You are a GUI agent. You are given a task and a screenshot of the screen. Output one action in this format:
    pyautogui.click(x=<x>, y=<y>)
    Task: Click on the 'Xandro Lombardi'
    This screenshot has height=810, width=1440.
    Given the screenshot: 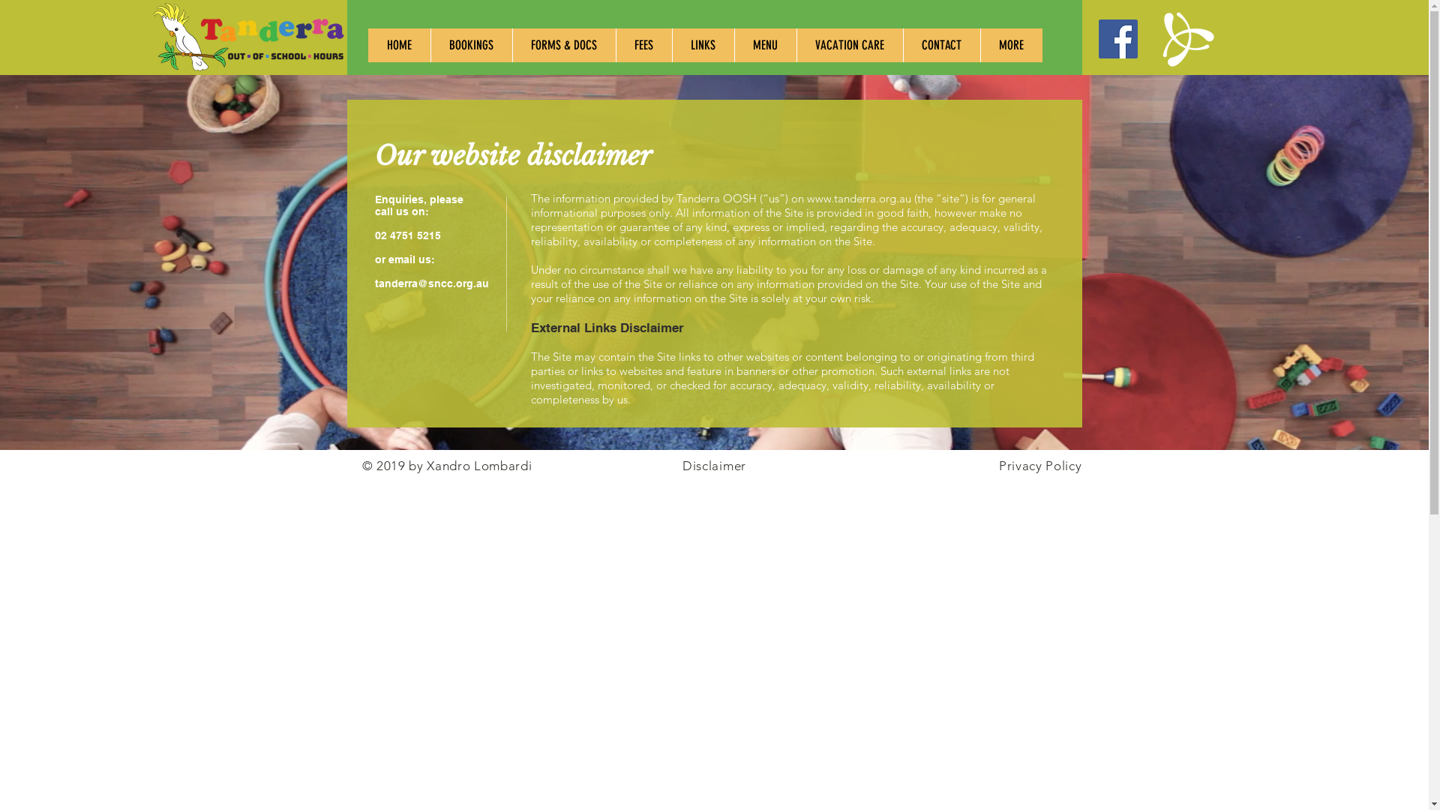 What is the action you would take?
    pyautogui.click(x=478, y=465)
    